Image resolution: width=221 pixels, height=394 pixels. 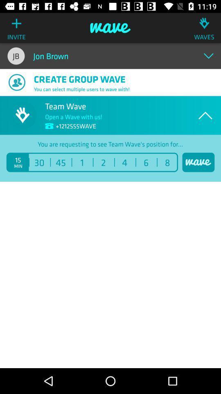 I want to click on icon to the right of invite, so click(x=110, y=28).